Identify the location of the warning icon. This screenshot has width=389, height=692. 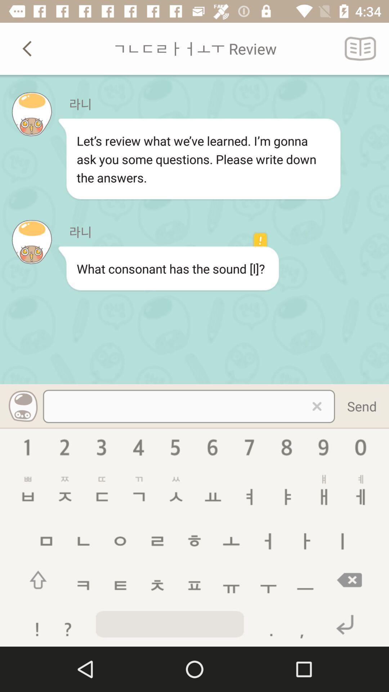
(37, 624).